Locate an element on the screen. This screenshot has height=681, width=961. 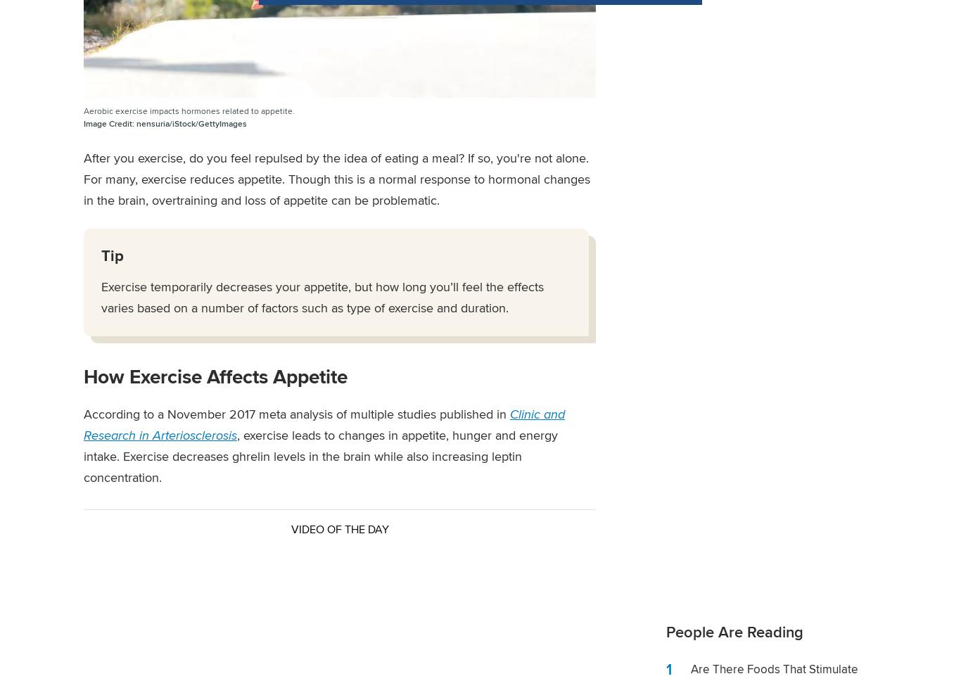
'People Are Reading' is located at coordinates (734, 632).